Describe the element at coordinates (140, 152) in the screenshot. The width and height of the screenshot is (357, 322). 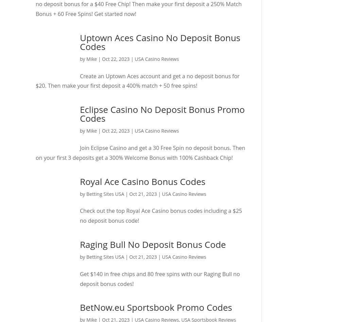
I see `'Join Eclipse Casino and get a 30 Free Spin no deposit bonus. Then on your first 3 deposits get a 300% Welcome Bonus with 100% Cashback Chip!'` at that location.